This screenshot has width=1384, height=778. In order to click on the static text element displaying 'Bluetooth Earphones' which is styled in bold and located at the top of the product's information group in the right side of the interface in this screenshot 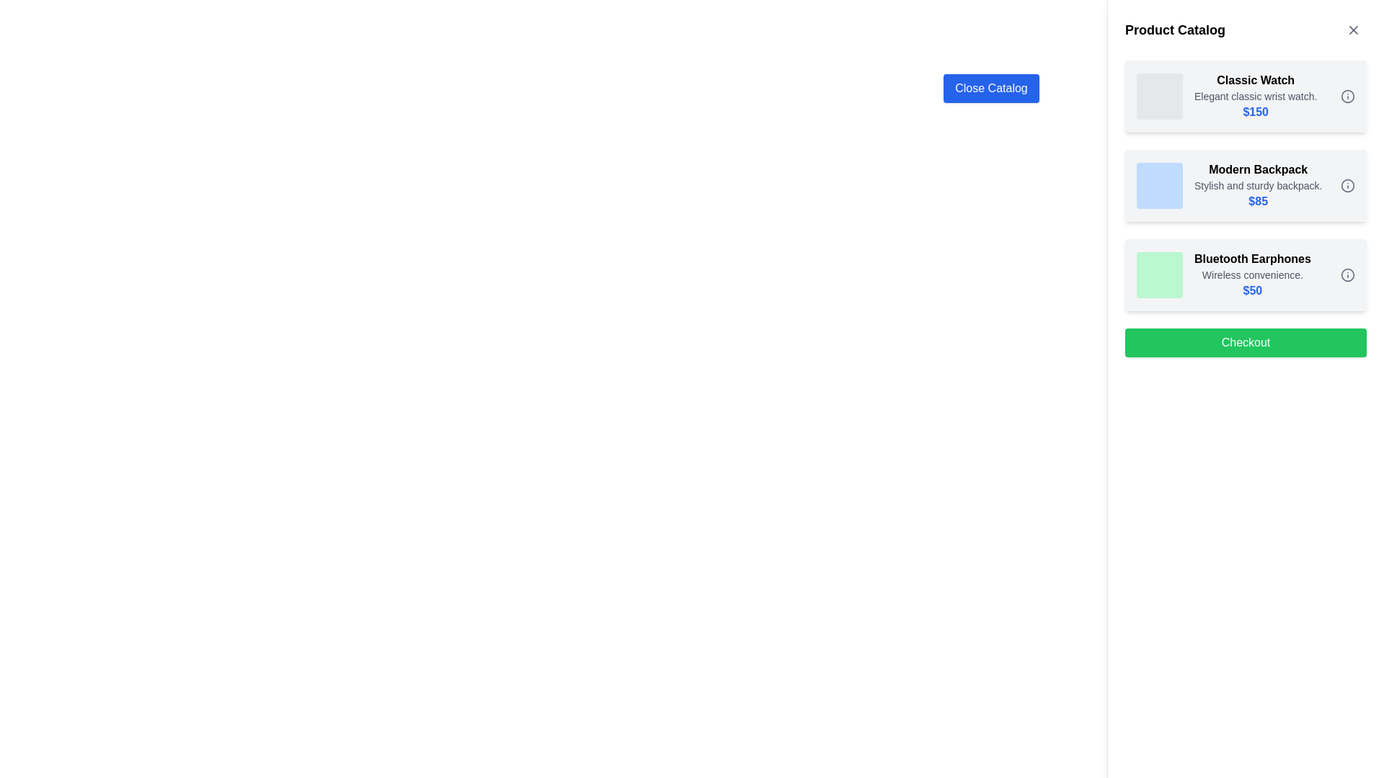, I will do `click(1251, 258)`.